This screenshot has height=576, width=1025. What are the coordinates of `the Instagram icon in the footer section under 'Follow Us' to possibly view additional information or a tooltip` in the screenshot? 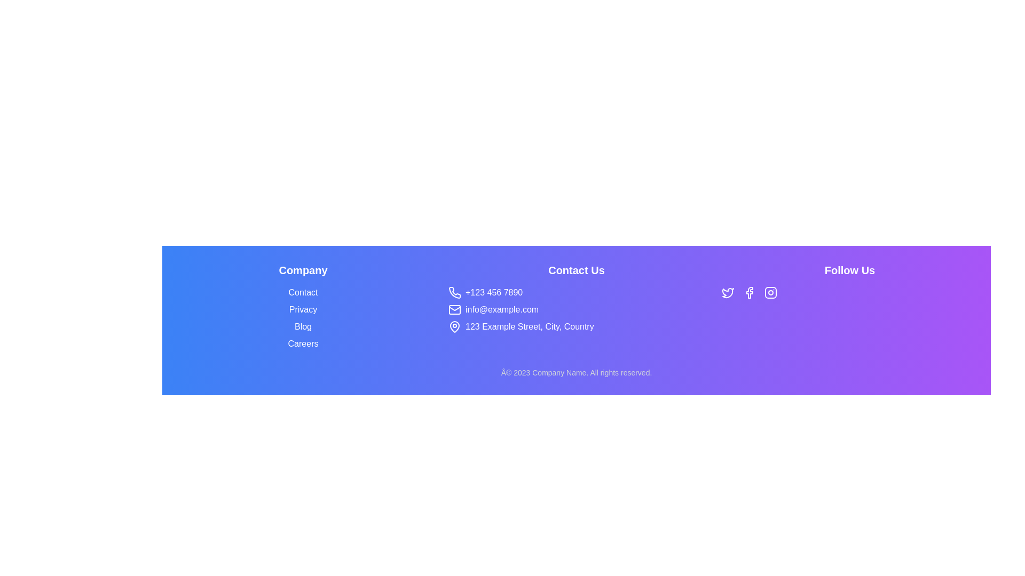 It's located at (771, 292).